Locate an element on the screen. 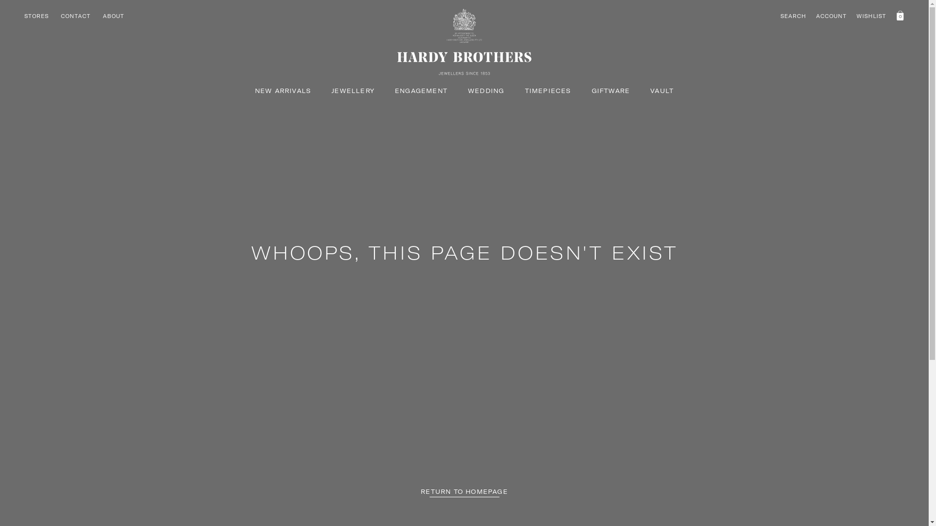 The image size is (936, 526). 'VAULT is located at coordinates (650, 91).